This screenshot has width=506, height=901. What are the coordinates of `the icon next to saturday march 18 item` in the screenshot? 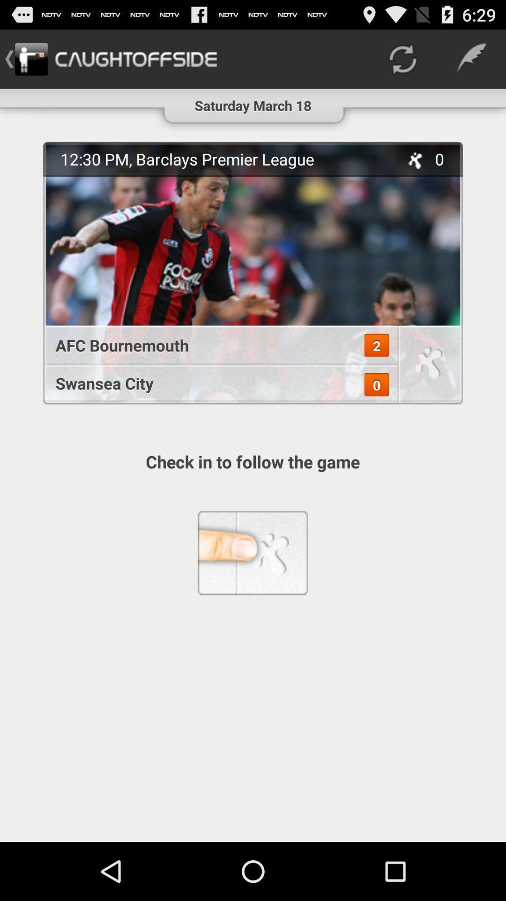 It's located at (402, 58).